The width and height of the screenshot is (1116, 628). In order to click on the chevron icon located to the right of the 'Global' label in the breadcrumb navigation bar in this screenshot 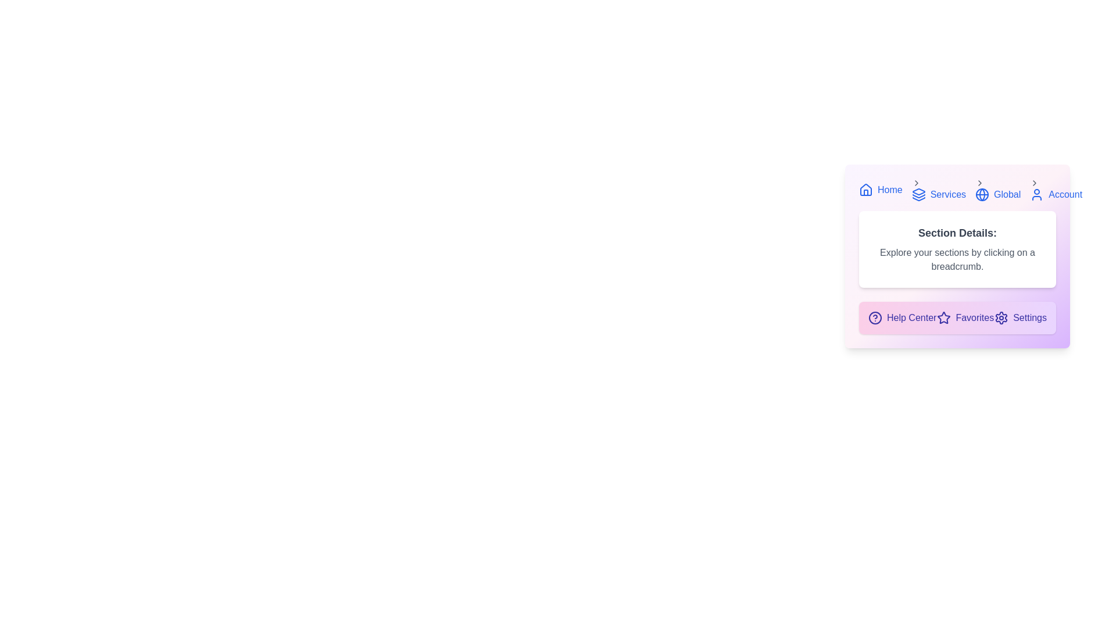, I will do `click(979, 183)`.